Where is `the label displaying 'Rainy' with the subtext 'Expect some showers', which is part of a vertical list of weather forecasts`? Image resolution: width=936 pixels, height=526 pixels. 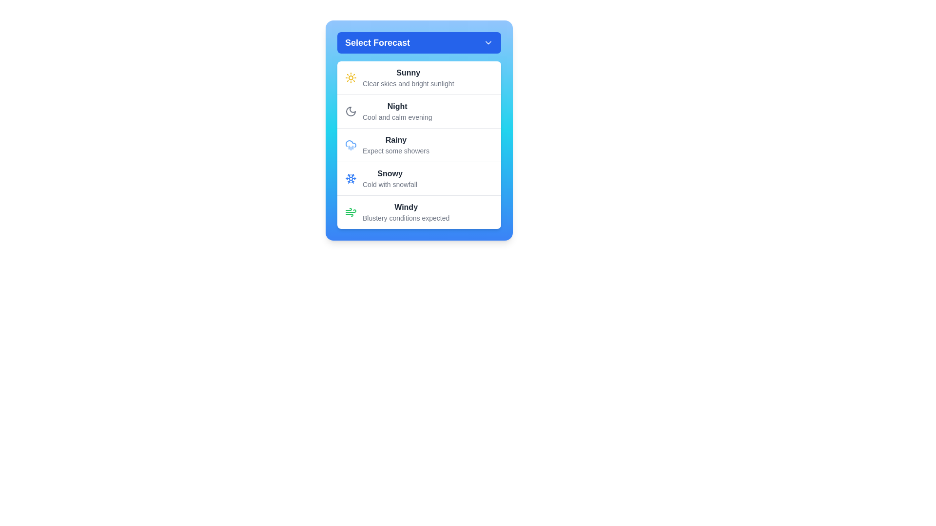 the label displaying 'Rainy' with the subtext 'Expect some showers', which is part of a vertical list of weather forecasts is located at coordinates (396, 145).